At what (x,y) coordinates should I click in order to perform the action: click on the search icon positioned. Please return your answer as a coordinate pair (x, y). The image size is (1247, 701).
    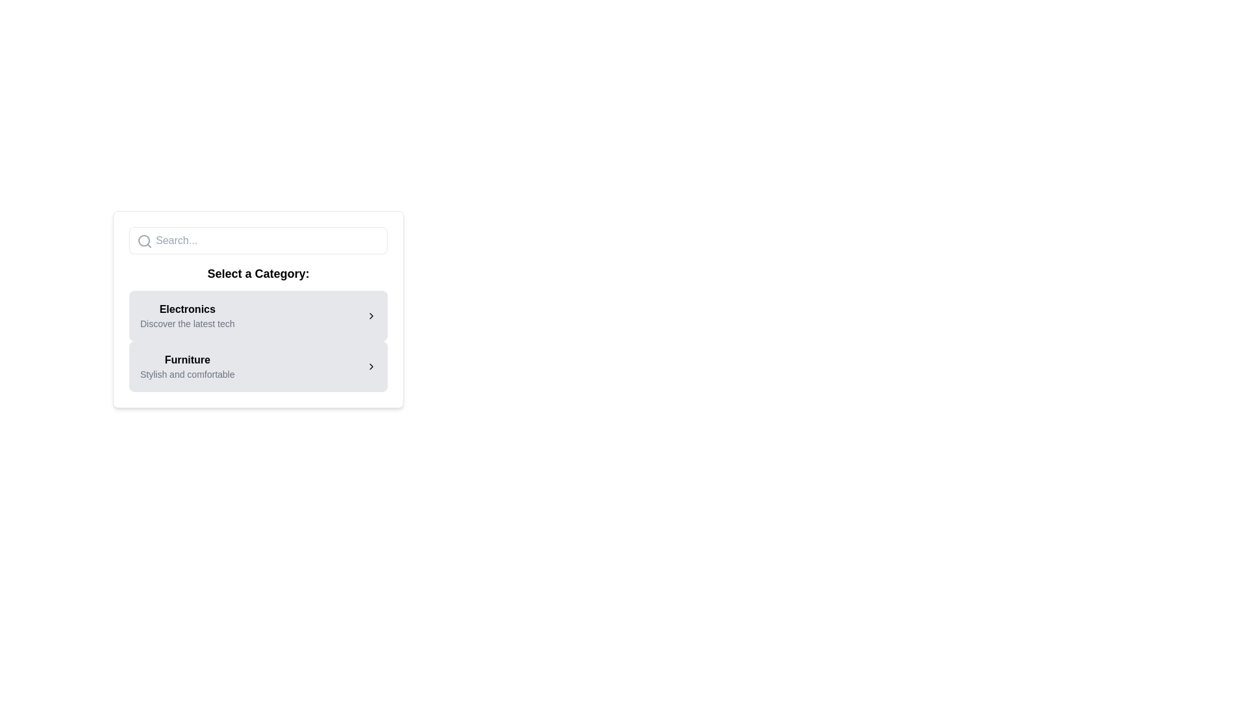
    Looking at the image, I should click on (144, 241).